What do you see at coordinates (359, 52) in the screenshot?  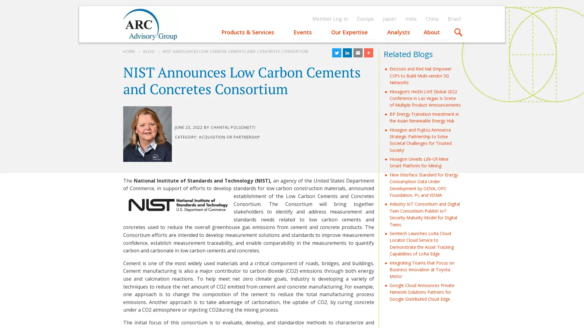 I see `Share to Email` at bounding box center [359, 52].